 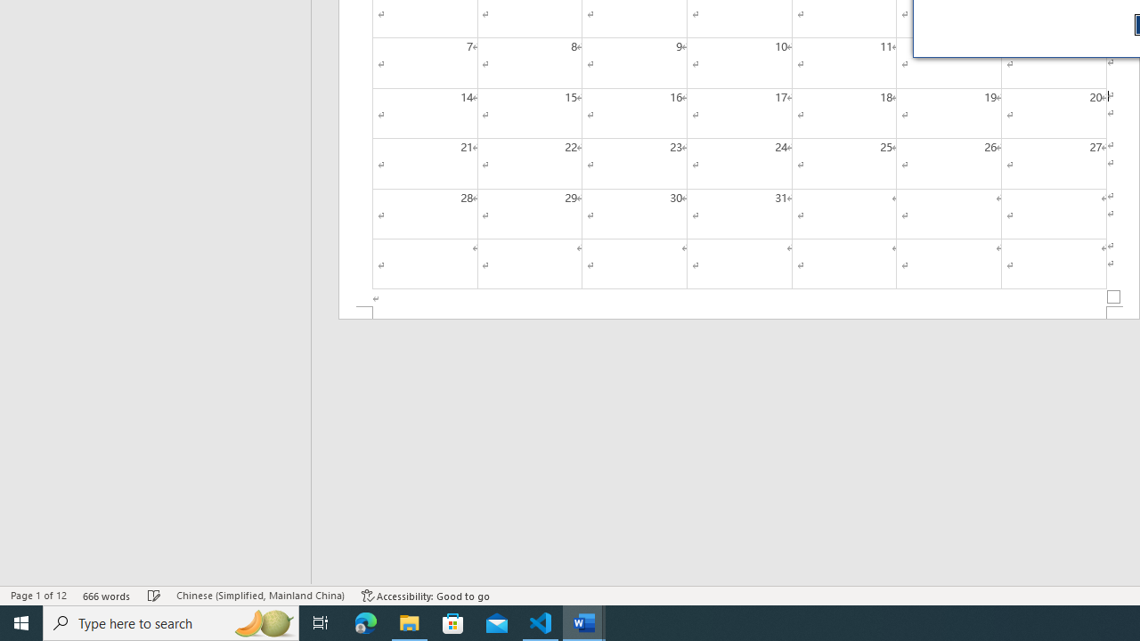 What do you see at coordinates (262, 621) in the screenshot?
I see `'Search highlights icon opens search home window'` at bounding box center [262, 621].